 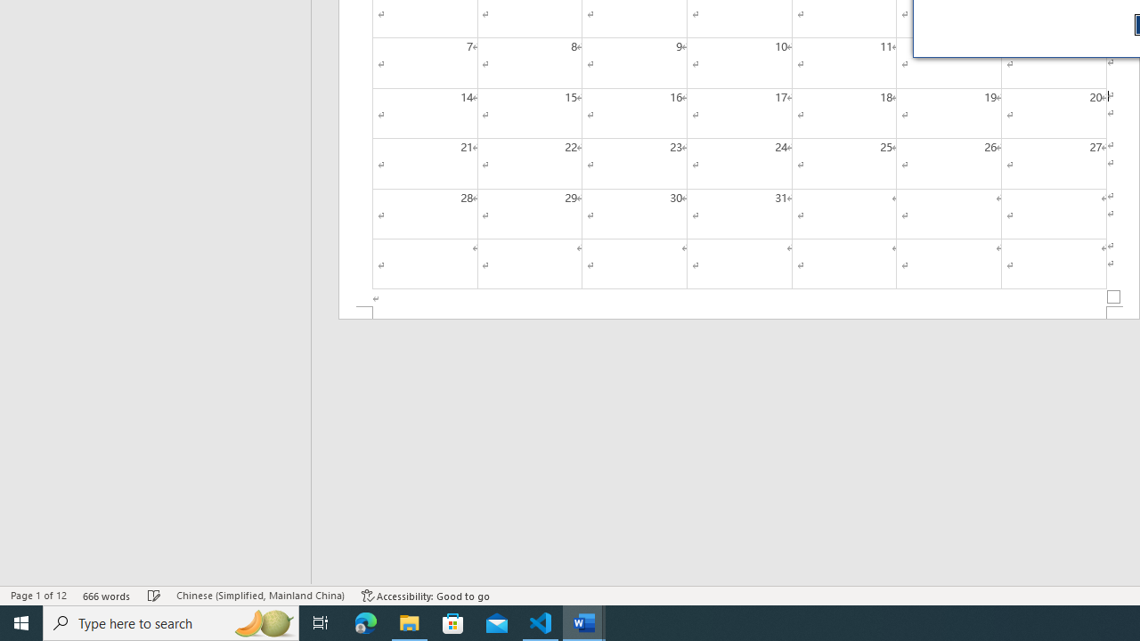 What do you see at coordinates (262, 621) in the screenshot?
I see `'Search highlights icon opens search home window'` at bounding box center [262, 621].